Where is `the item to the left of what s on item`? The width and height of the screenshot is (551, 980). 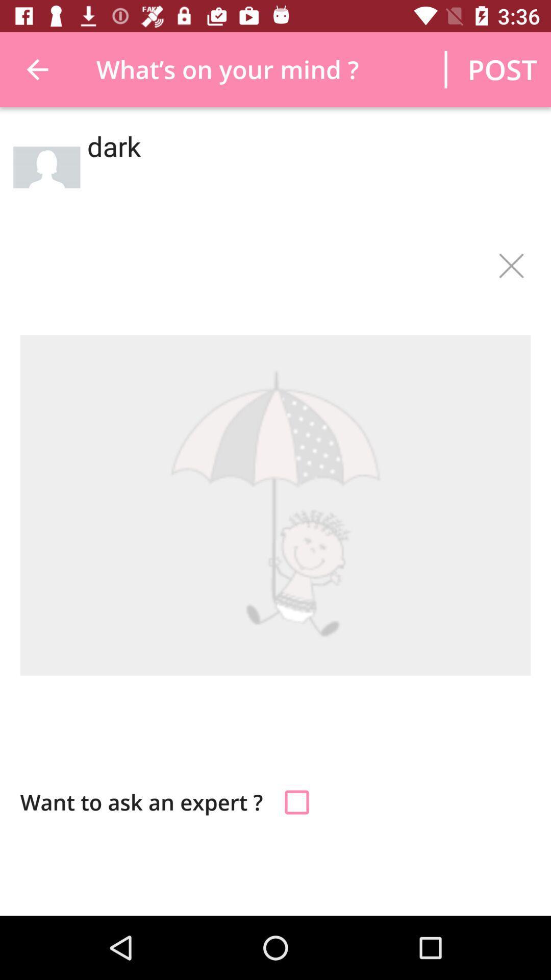 the item to the left of what s on item is located at coordinates (37, 69).